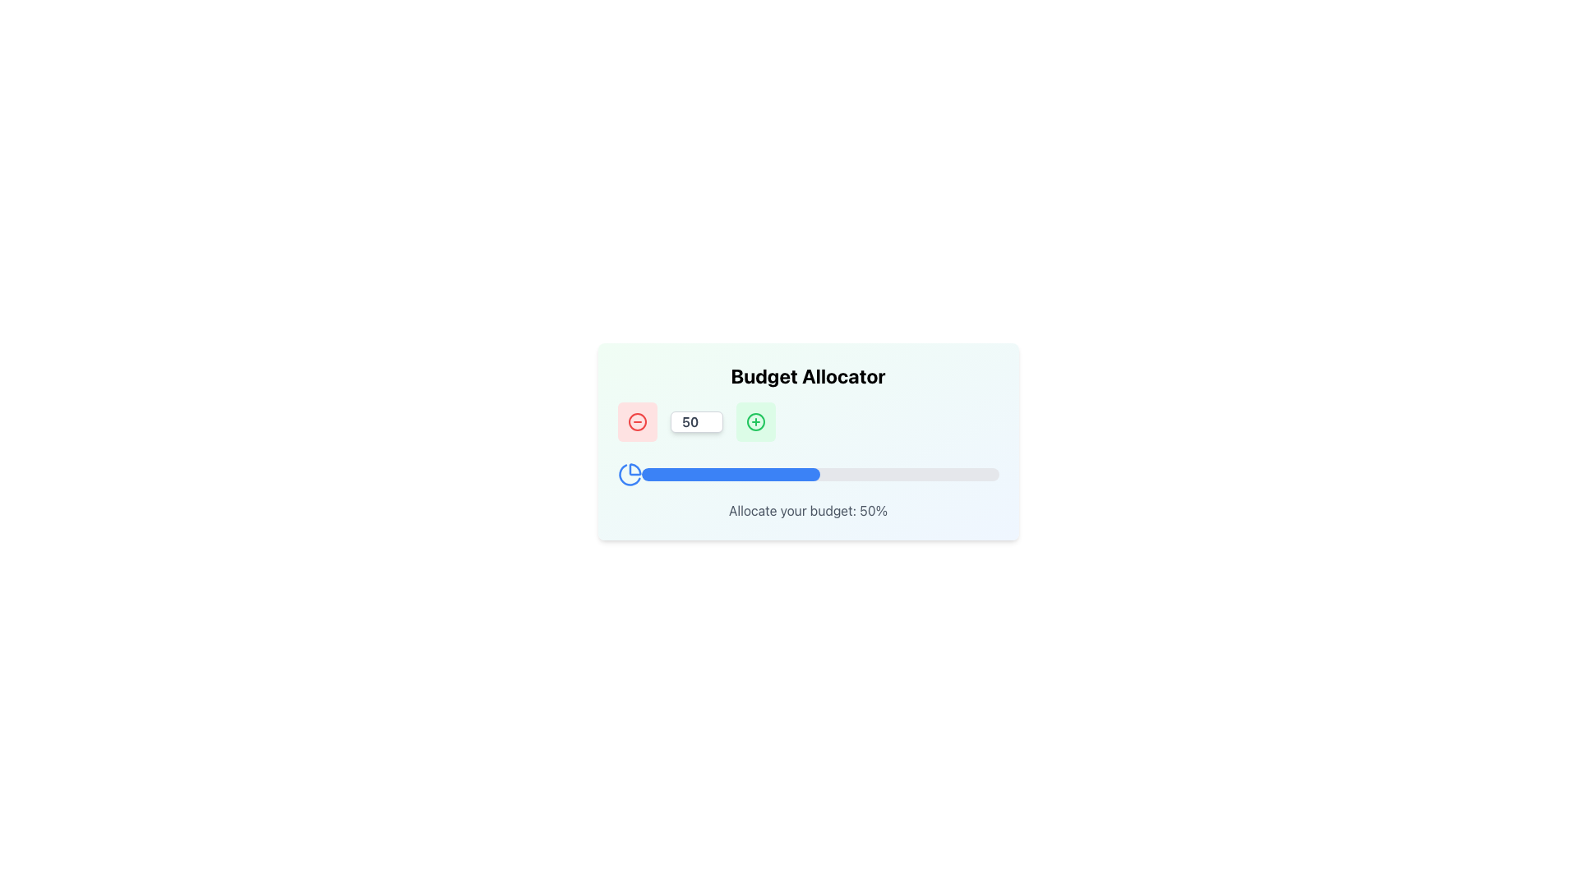 This screenshot has width=1578, height=887. What do you see at coordinates (820, 475) in the screenshot?
I see `the horizontal progress bar styled with a light gray rounded track and a blue filled portion indicating 50% progress, located below the title 'Budget Allocator'` at bounding box center [820, 475].